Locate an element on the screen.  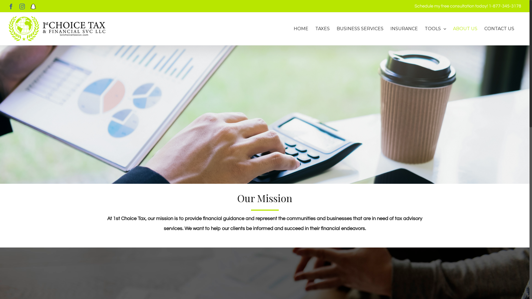
'CONTACT US' is located at coordinates (499, 29).